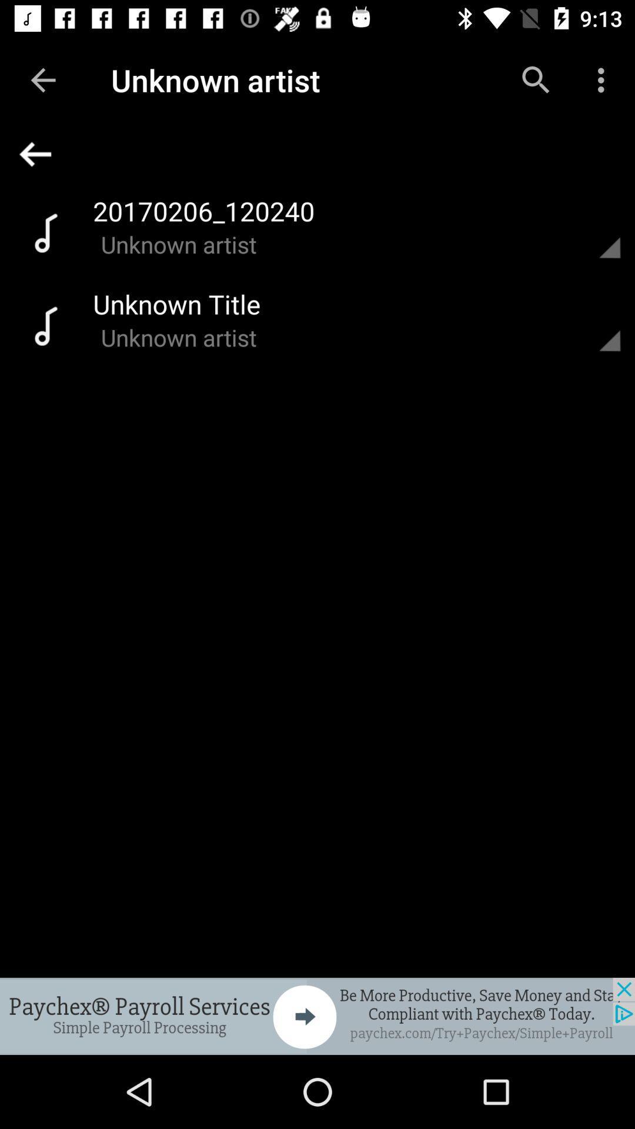  I want to click on open the option menu, so click(596, 325).